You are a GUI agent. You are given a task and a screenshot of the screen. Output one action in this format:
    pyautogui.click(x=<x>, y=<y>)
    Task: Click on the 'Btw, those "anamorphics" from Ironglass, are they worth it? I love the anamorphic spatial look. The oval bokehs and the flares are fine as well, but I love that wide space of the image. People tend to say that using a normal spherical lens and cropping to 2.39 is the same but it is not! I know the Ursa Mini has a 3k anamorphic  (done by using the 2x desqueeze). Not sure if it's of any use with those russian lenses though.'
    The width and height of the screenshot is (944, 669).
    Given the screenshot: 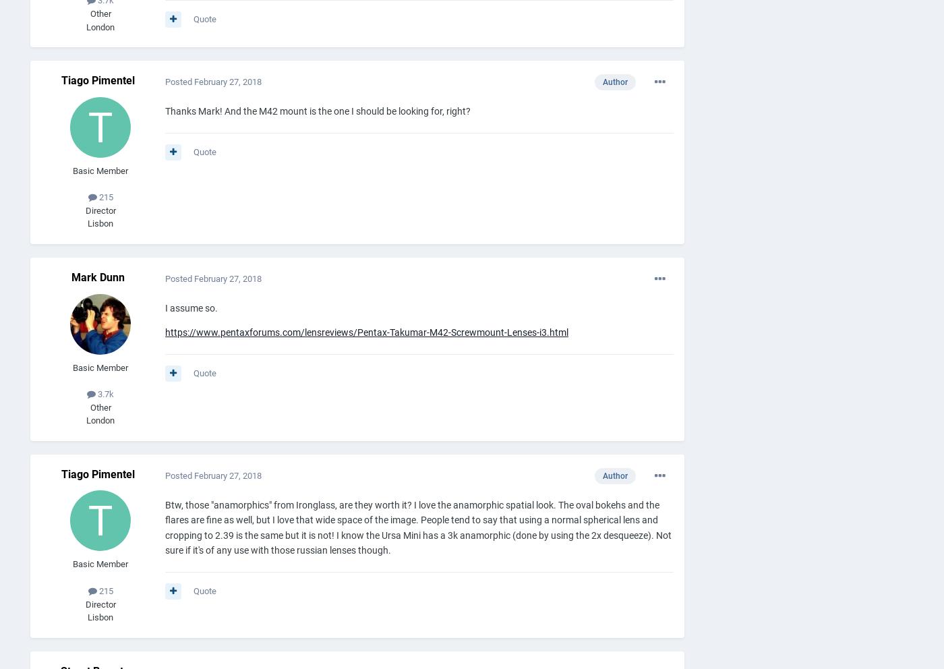 What is the action you would take?
    pyautogui.click(x=418, y=526)
    